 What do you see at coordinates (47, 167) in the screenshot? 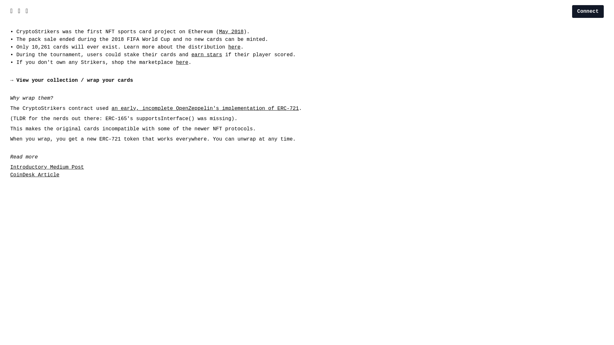
I see `'Introductory Medium Post'` at bounding box center [47, 167].